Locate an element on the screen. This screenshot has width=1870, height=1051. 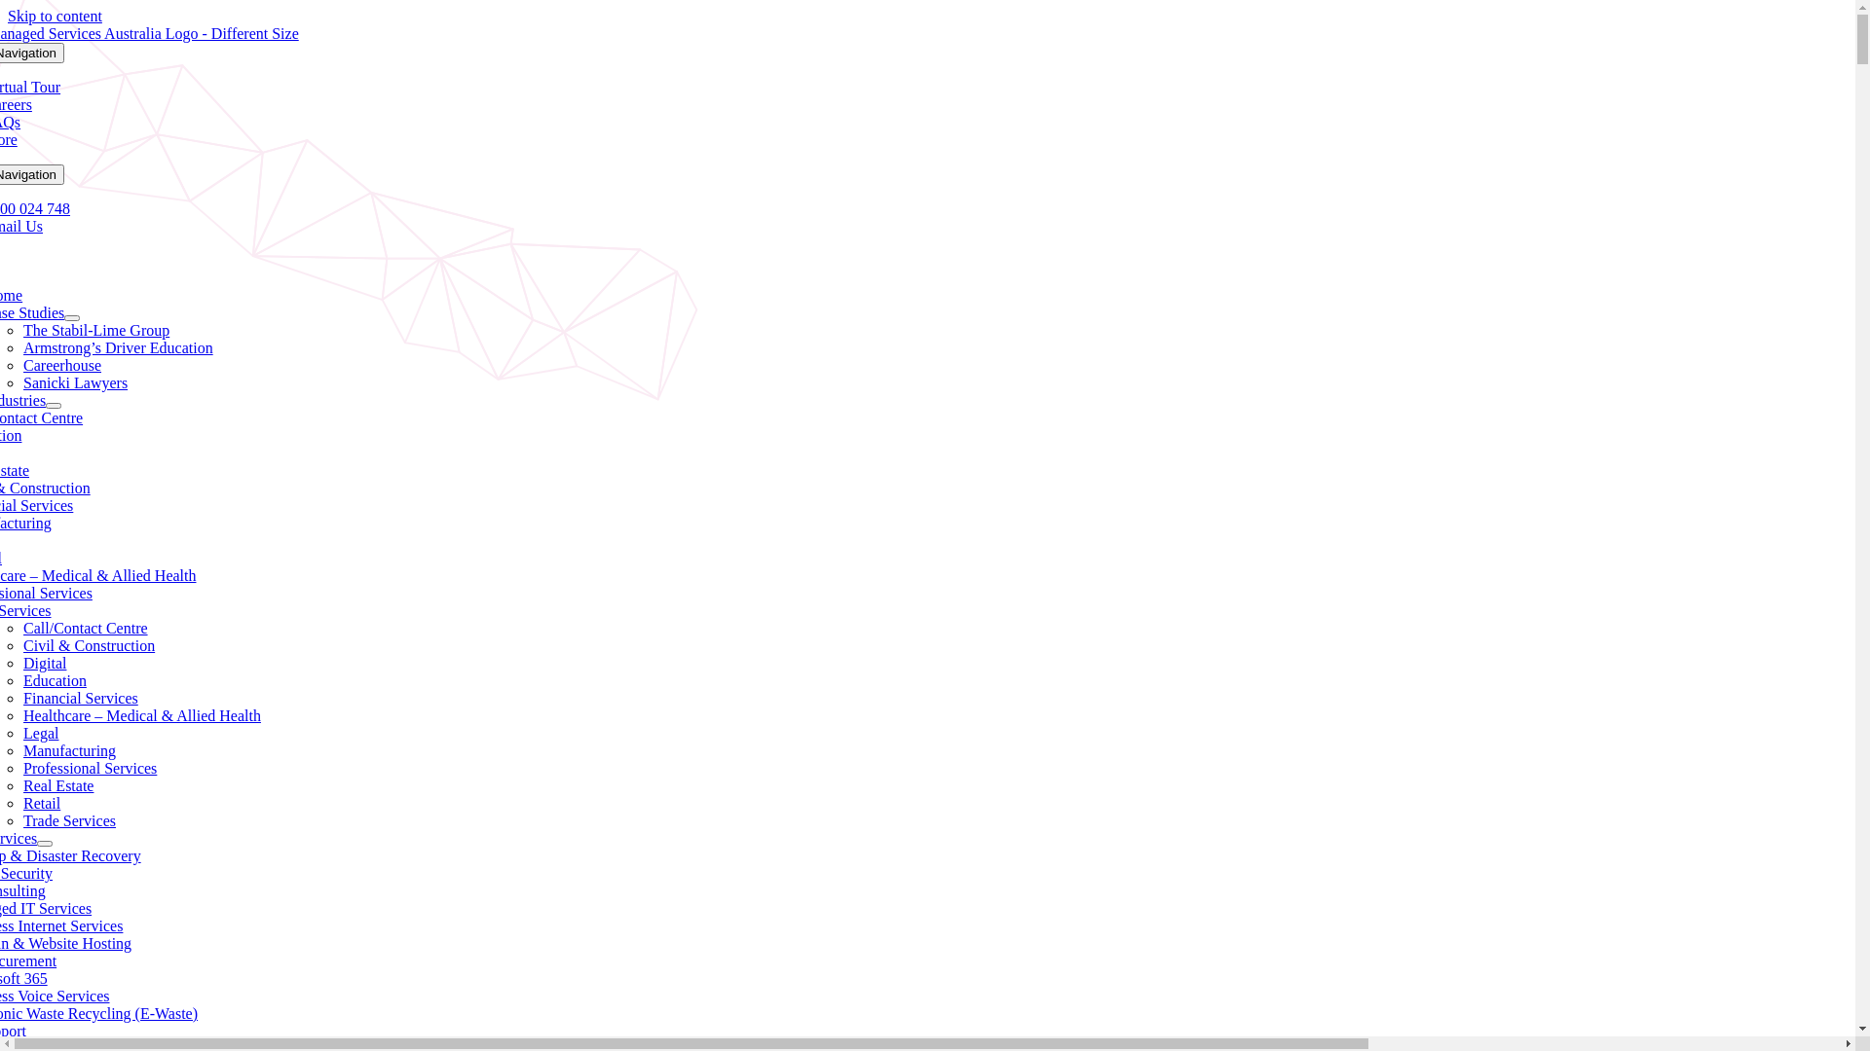
'Civil & Construction' is located at coordinates (88, 645).